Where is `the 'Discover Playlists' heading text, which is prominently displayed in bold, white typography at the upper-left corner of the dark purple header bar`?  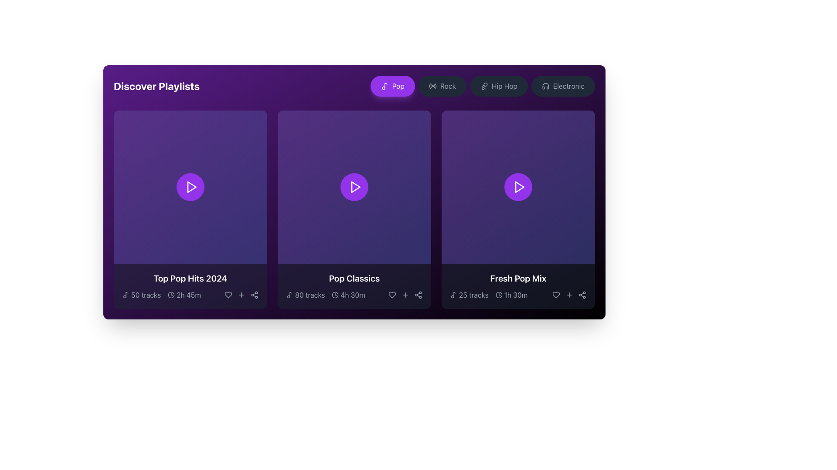 the 'Discover Playlists' heading text, which is prominently displayed in bold, white typography at the upper-left corner of the dark purple header bar is located at coordinates (157, 86).